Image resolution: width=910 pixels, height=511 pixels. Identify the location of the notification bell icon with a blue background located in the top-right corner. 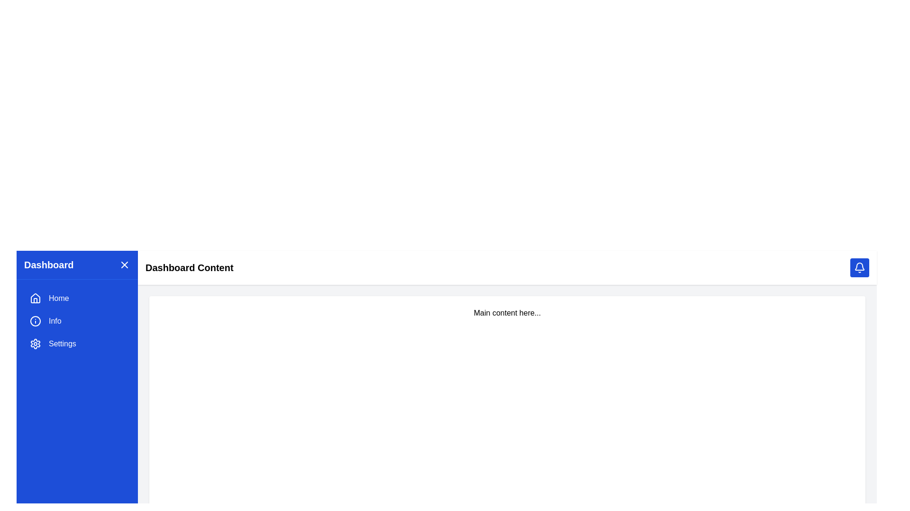
(860, 268).